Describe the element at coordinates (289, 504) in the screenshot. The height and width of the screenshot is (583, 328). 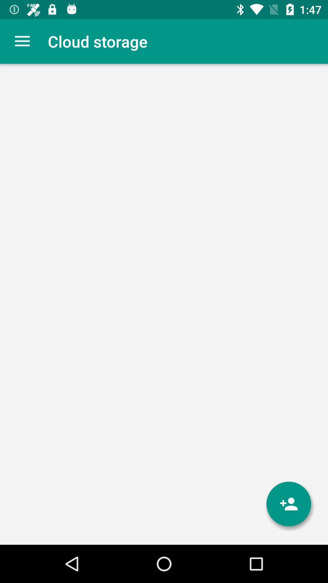
I see `the follow icon` at that location.